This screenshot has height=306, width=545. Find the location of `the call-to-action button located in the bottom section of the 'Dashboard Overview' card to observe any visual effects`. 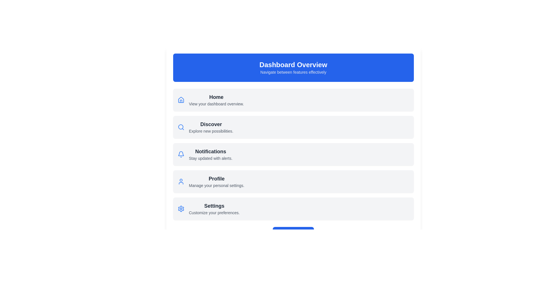

the call-to-action button located in the bottom section of the 'Dashboard Overview' card to observe any visual effects is located at coordinates (293, 234).